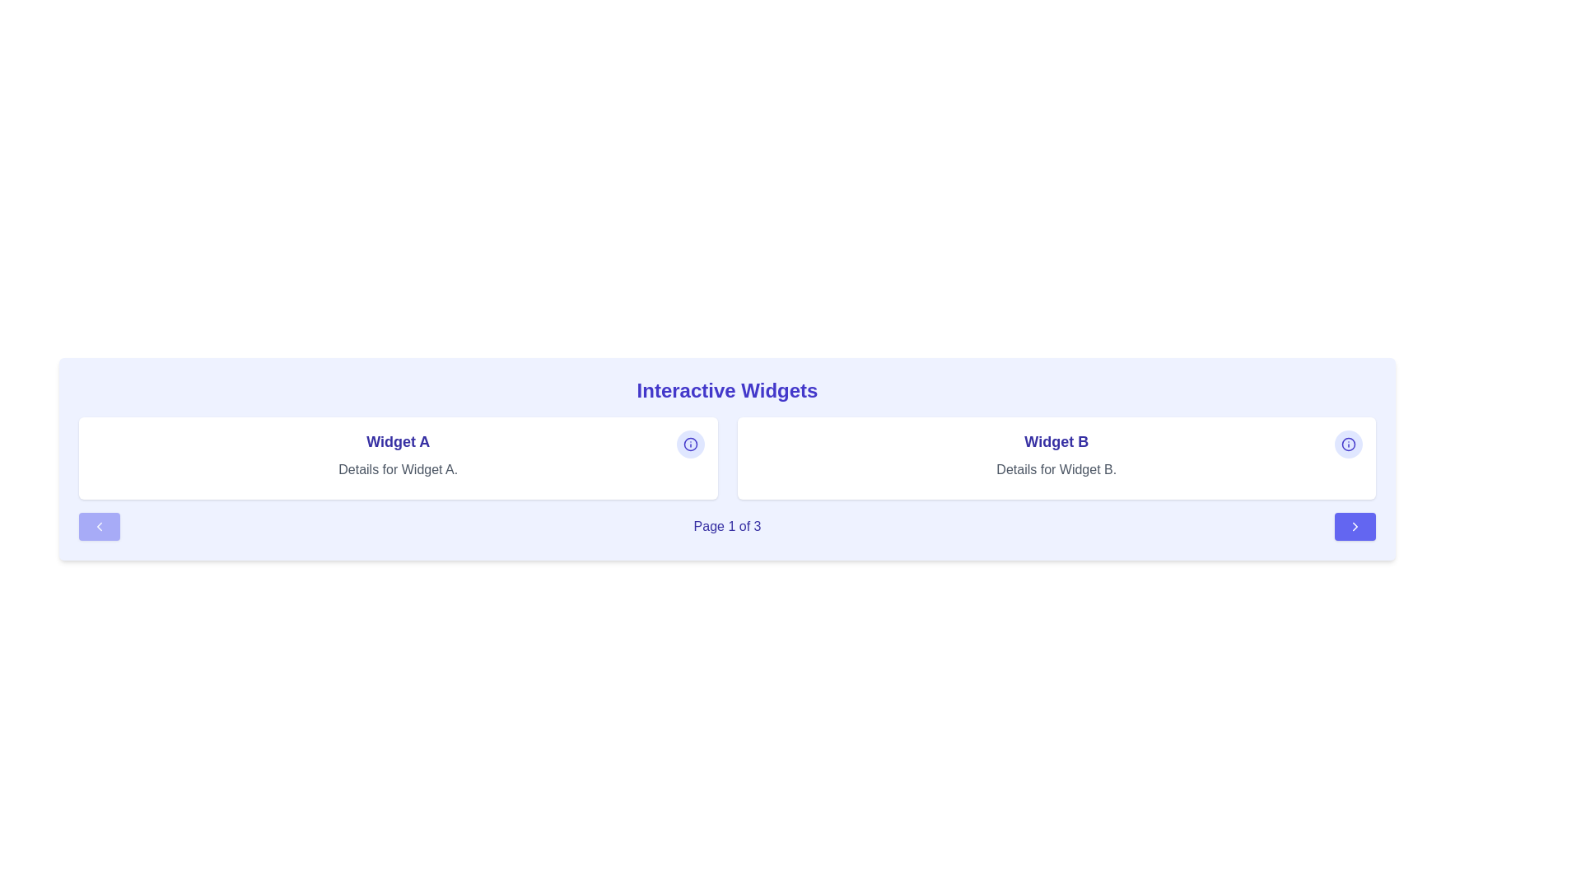  I want to click on the navigation icon button located at the bottom-right of the interface, inside a blue circular button, so click(1355, 527).